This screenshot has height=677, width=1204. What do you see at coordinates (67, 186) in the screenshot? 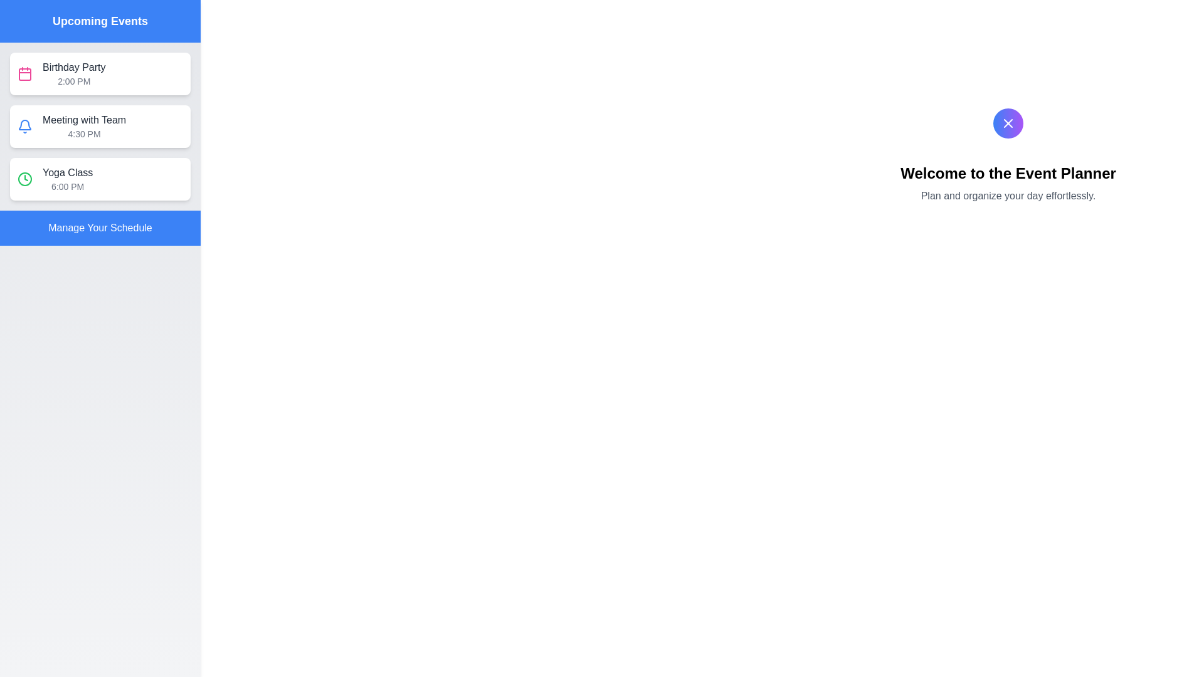
I see `the text label displaying '6:00 PM' that is located below the 'Yoga Class' text in the 'Upcoming Events' section` at bounding box center [67, 186].